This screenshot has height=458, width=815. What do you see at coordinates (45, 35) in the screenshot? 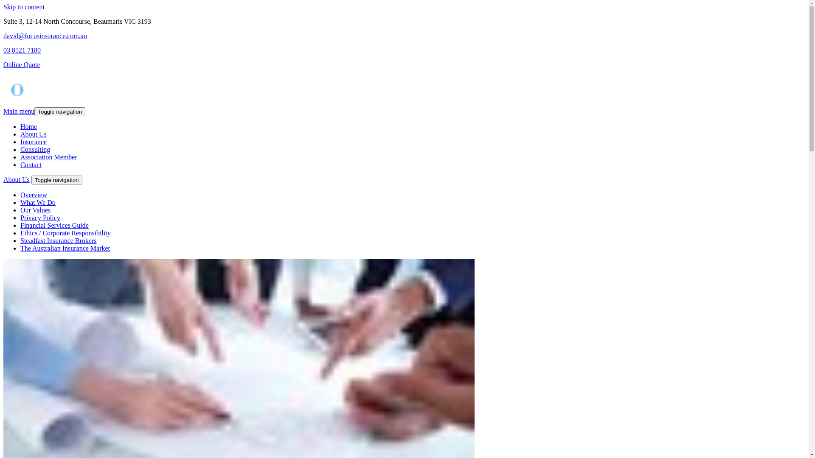
I see `'david@focusinsurance.com.au'` at bounding box center [45, 35].